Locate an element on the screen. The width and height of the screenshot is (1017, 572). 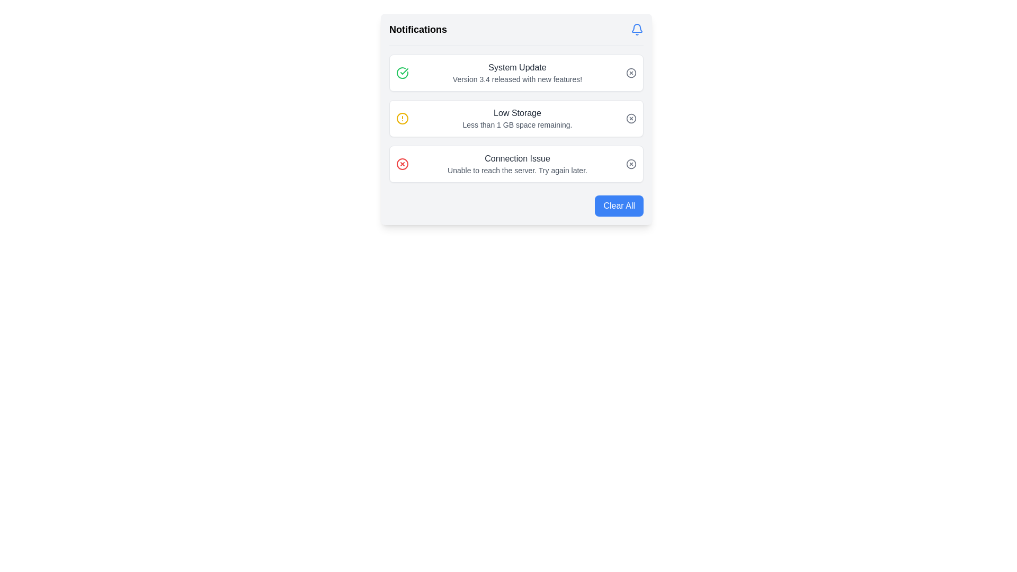
the Close button, which appears as a gray circle with an 'x' in the top-right corner of the 'Low Storage' notification card, to observe the color change is located at coordinates (631, 118).